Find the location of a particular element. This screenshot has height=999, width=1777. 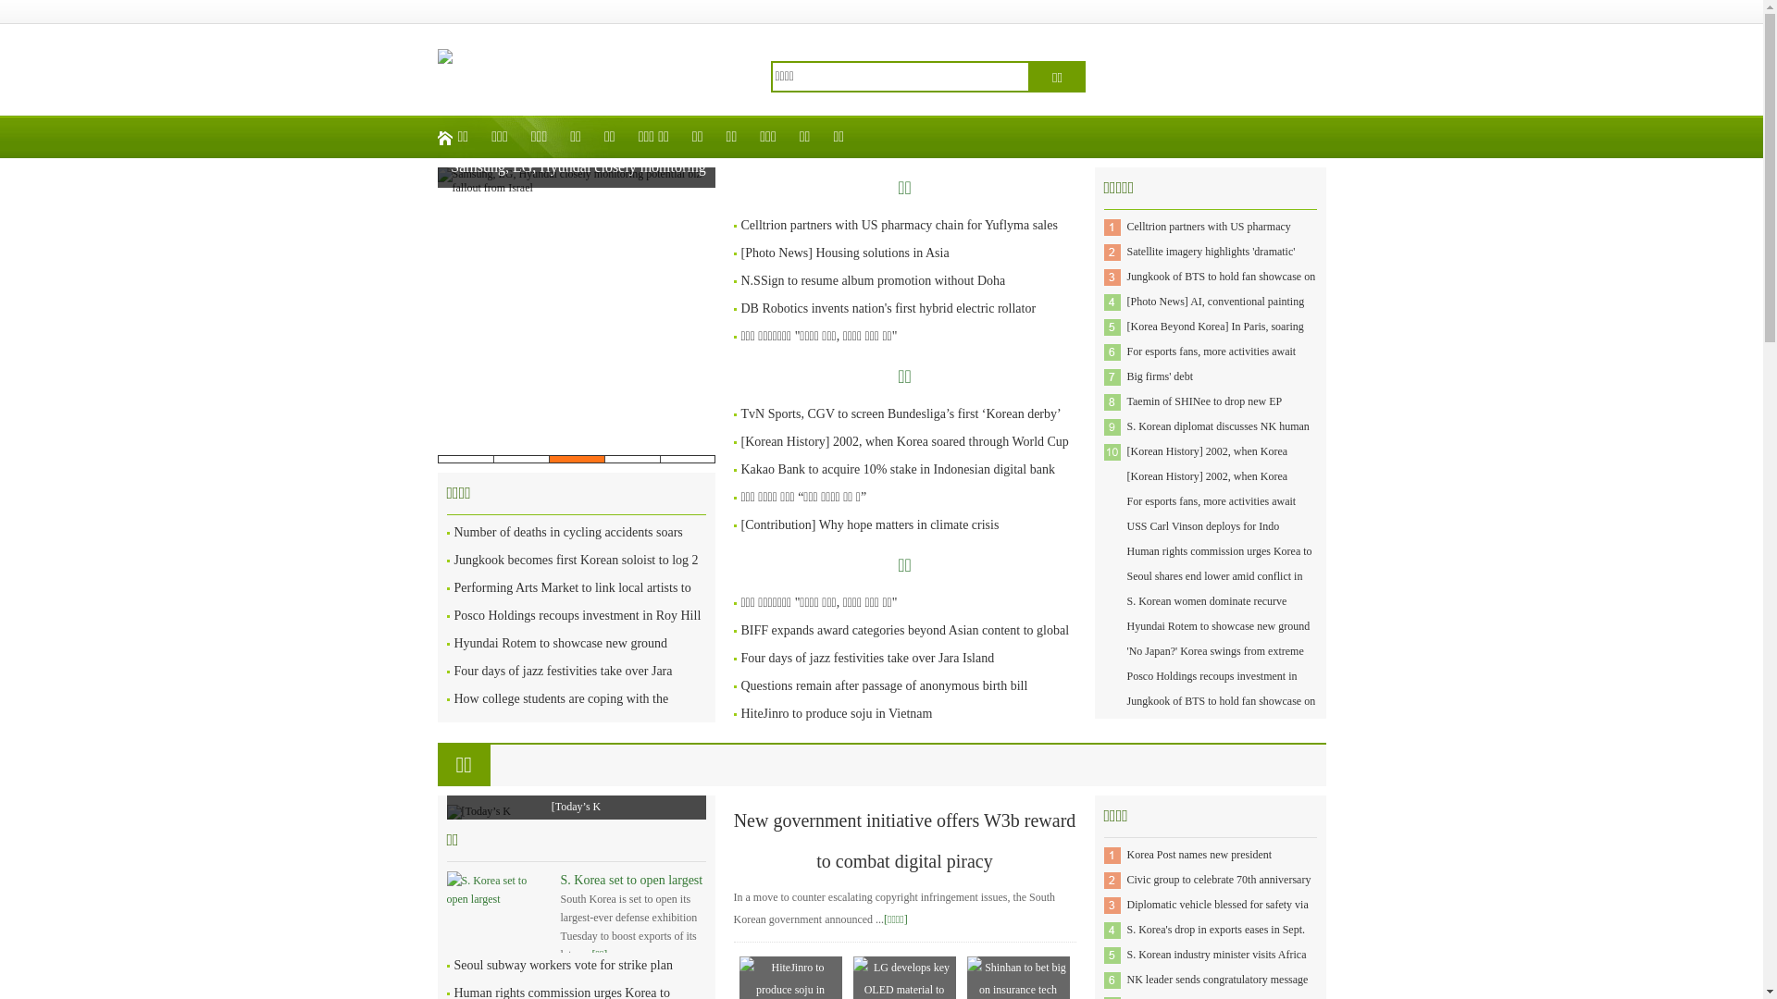

'S. Korean diplomat discusses NK human rights with US envoy' is located at coordinates (1218, 438).